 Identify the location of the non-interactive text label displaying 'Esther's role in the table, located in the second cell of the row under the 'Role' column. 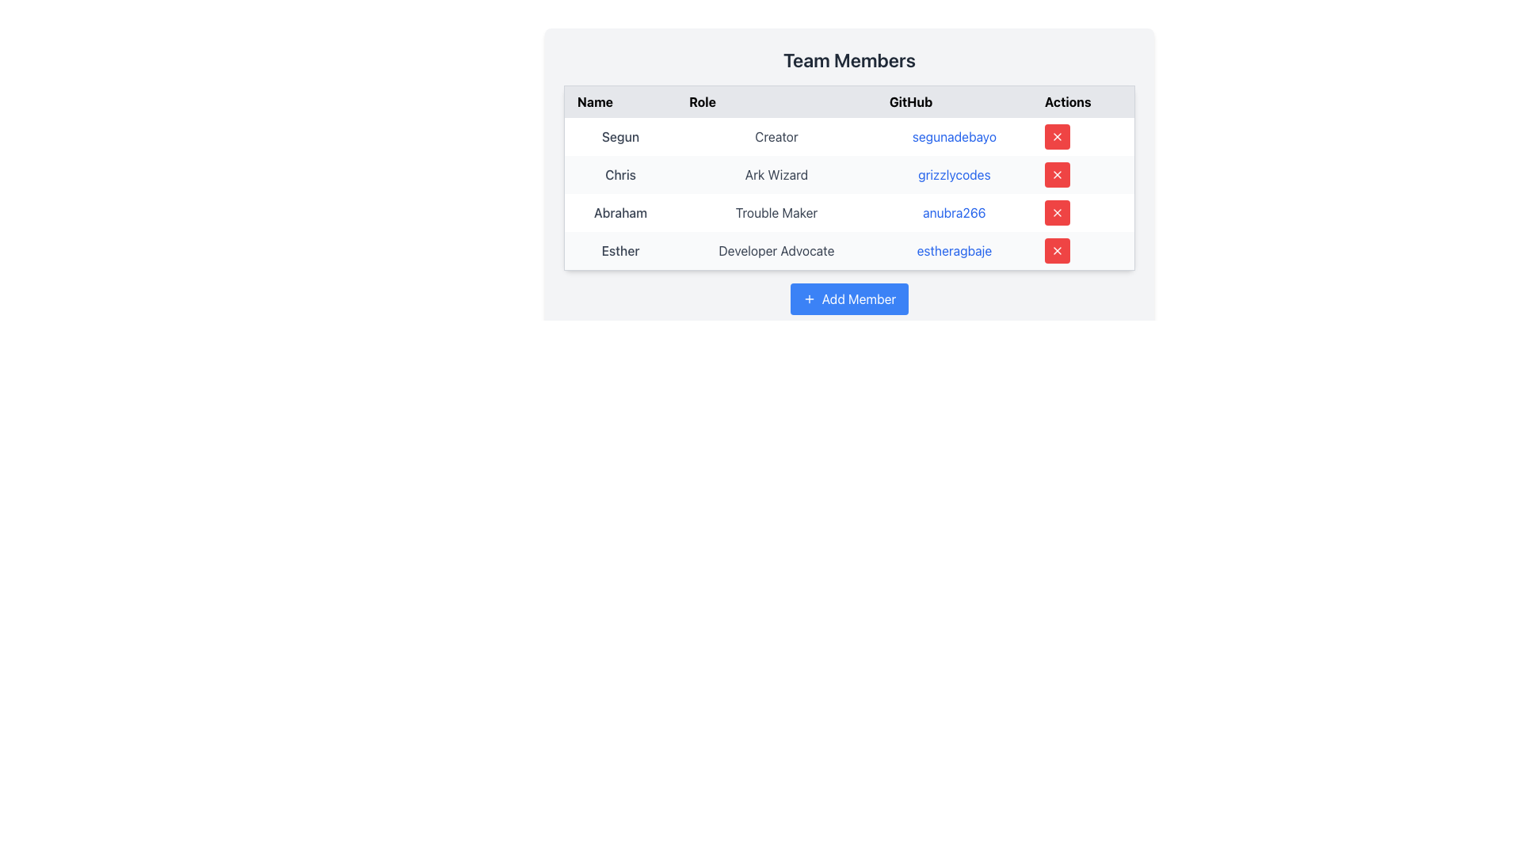
(776, 250).